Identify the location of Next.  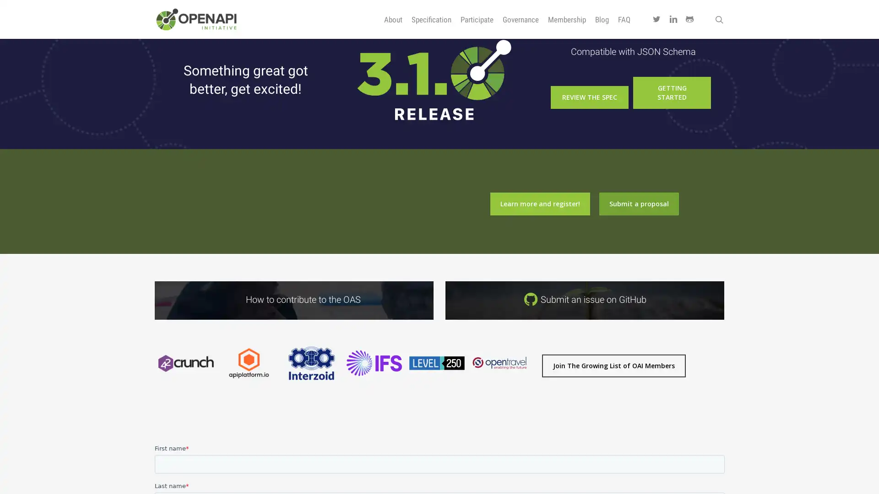
(535, 393).